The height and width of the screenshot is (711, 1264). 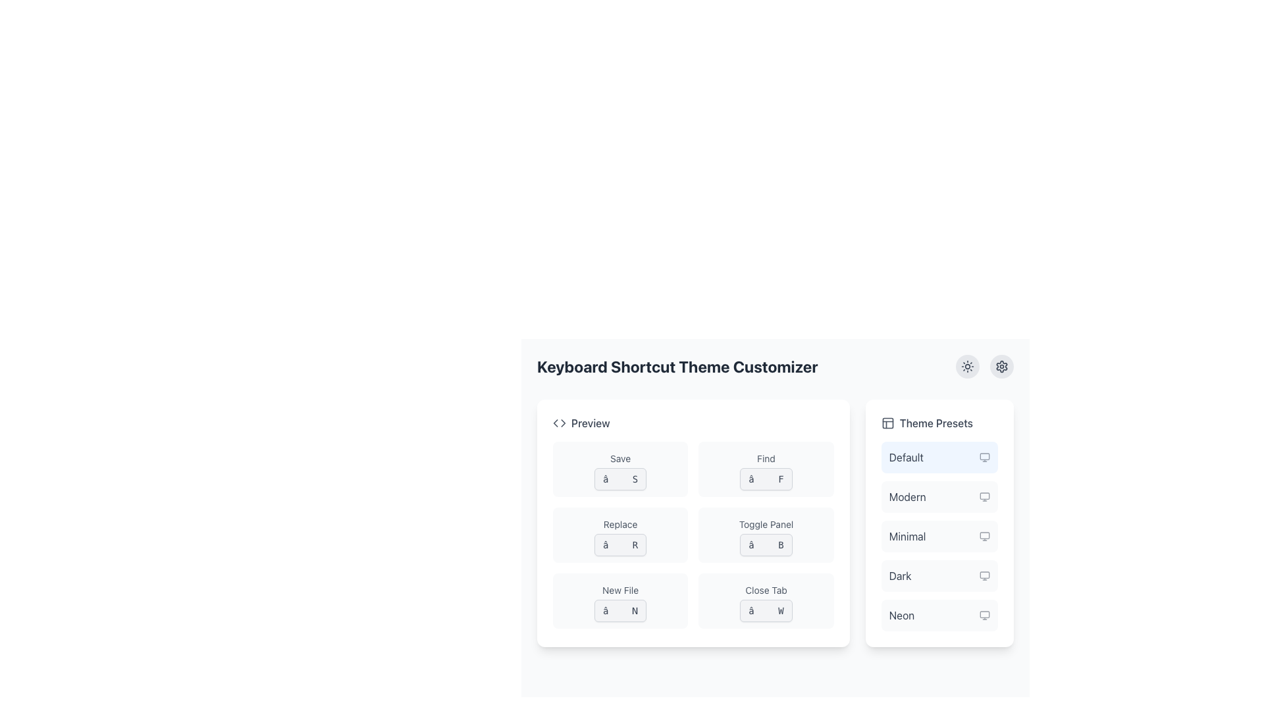 I want to click on the icon representing the 'Minimal' theme preset located, so click(x=985, y=536).